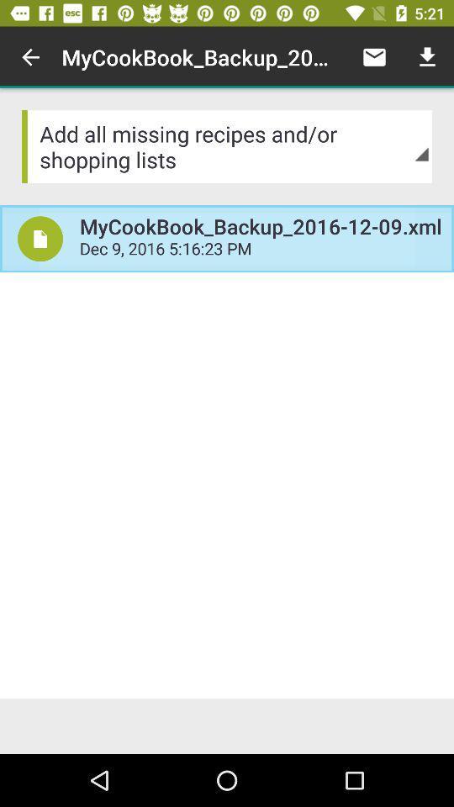 The width and height of the screenshot is (454, 807). Describe the element at coordinates (40, 238) in the screenshot. I see `the item below the add all missing item` at that location.